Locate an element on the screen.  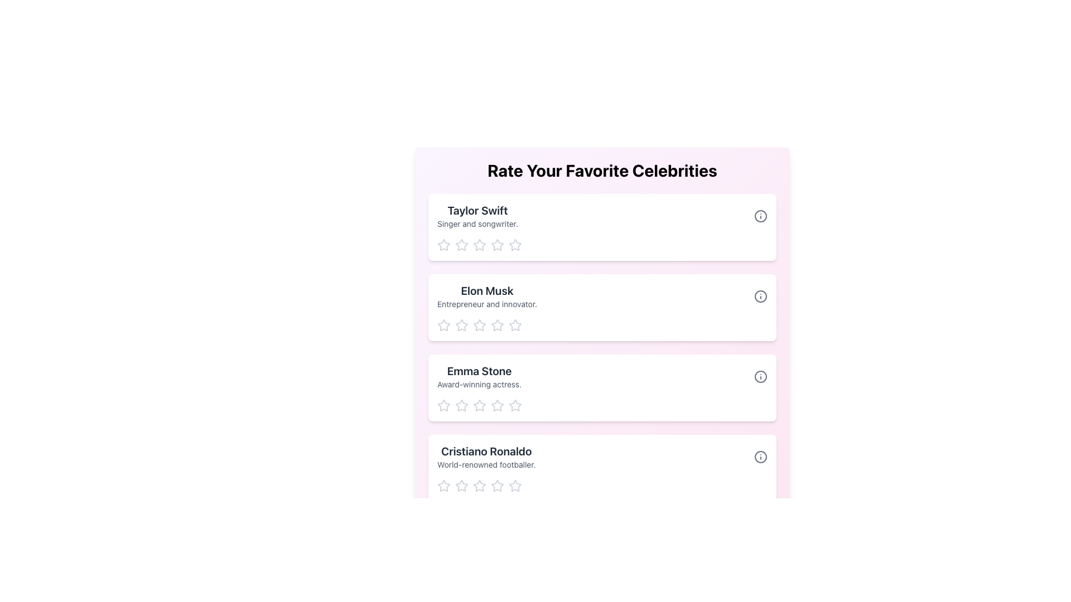
the first rating star for the 'Elon Musk' profile is located at coordinates (462, 325).